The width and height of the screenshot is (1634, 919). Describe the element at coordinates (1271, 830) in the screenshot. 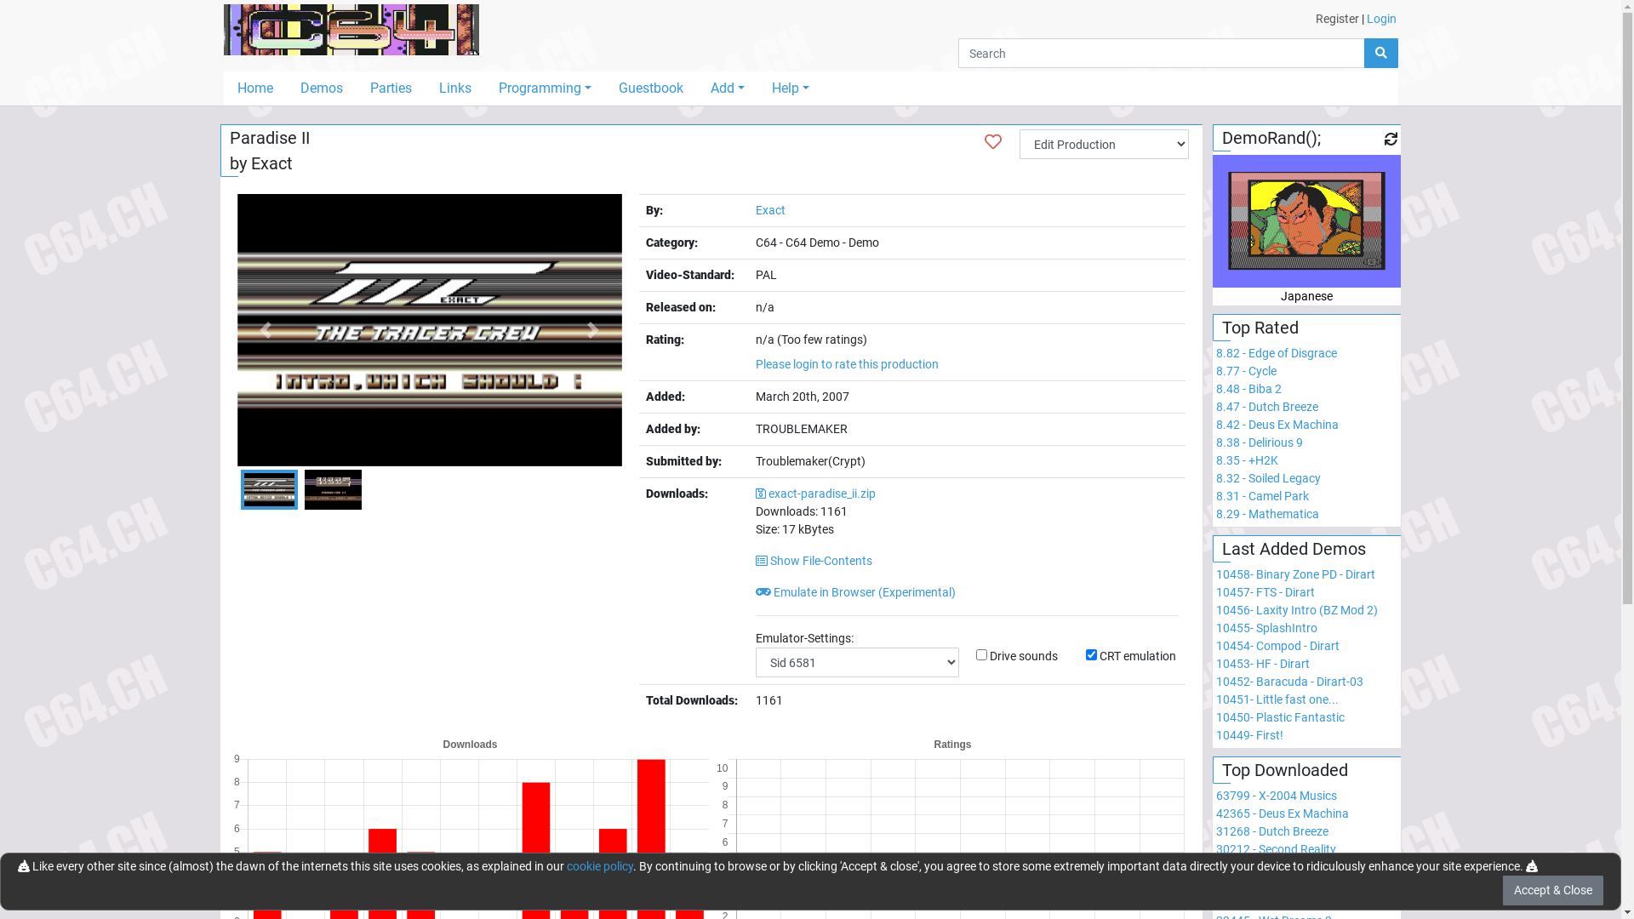

I see `'31268 - Dutch Breeze'` at that location.